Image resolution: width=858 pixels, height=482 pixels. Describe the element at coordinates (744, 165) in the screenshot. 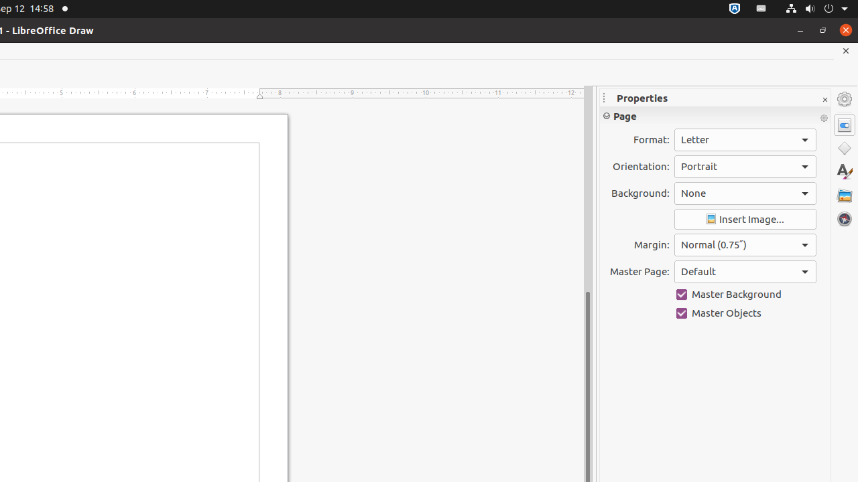

I see `'Orientation:'` at that location.